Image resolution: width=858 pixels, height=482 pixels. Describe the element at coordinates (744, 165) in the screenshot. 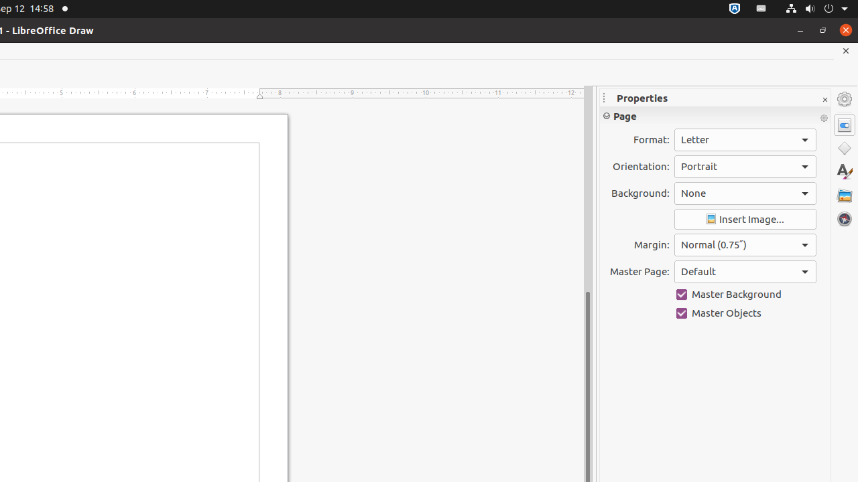

I see `'Orientation:'` at that location.